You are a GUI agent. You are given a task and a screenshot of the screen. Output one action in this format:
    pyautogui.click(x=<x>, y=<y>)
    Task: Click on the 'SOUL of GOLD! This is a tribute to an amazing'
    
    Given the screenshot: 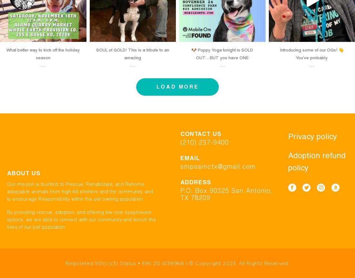 What is the action you would take?
    pyautogui.click(x=96, y=53)
    